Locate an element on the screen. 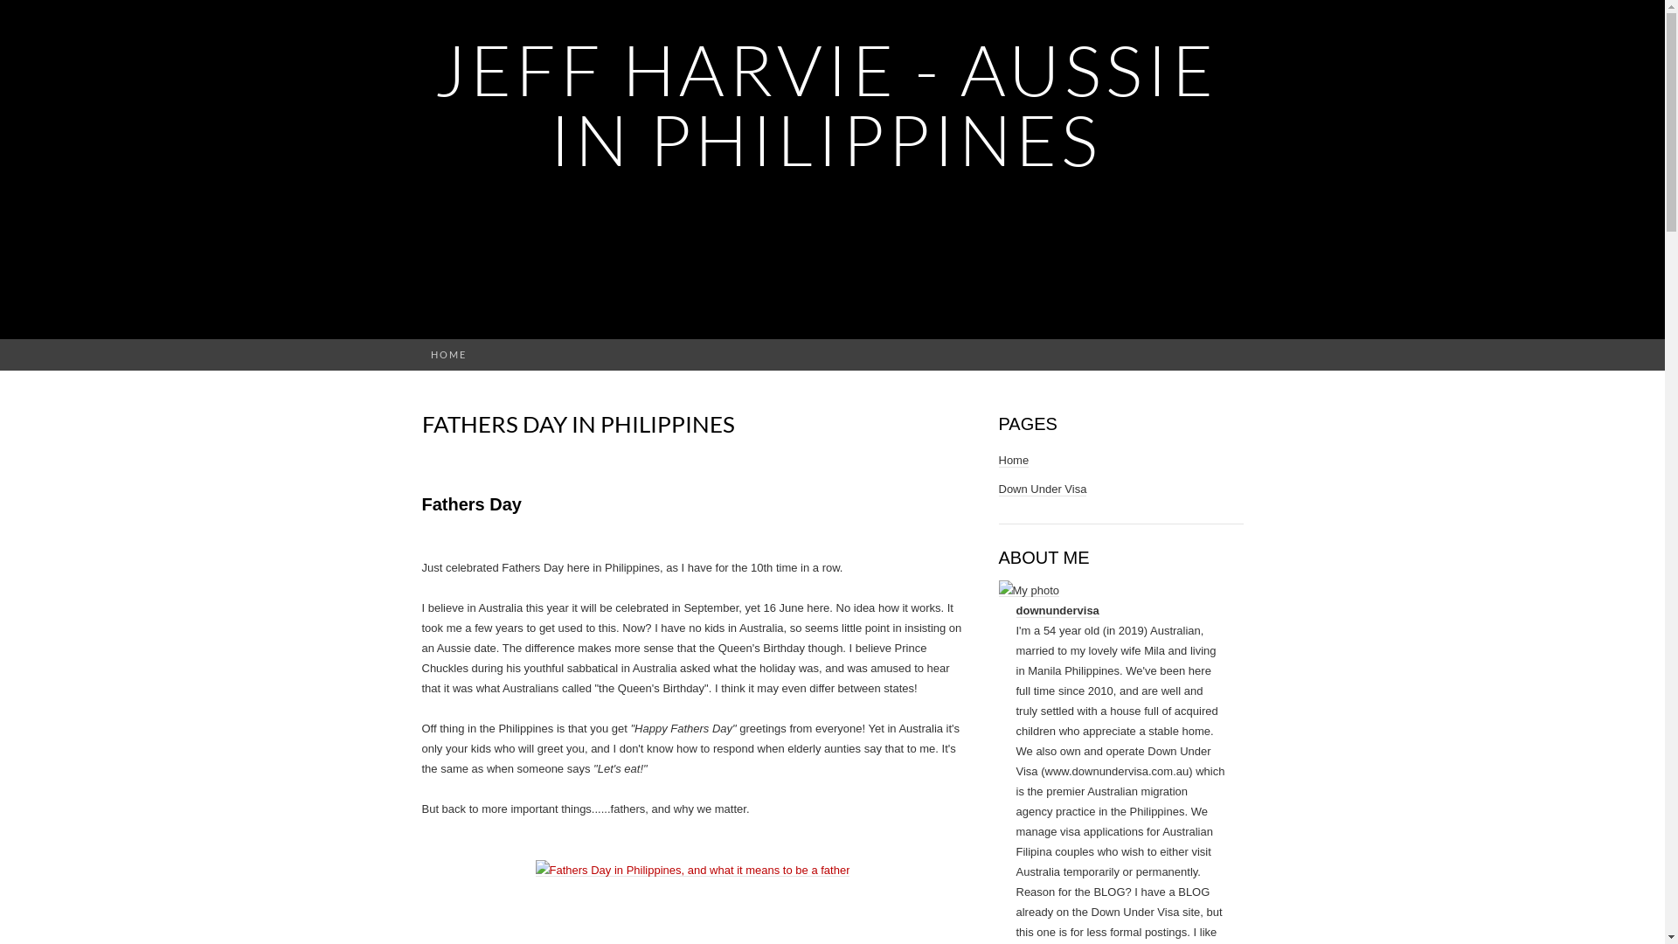 The width and height of the screenshot is (1678, 944). 'Down Under Visa' is located at coordinates (998, 489).